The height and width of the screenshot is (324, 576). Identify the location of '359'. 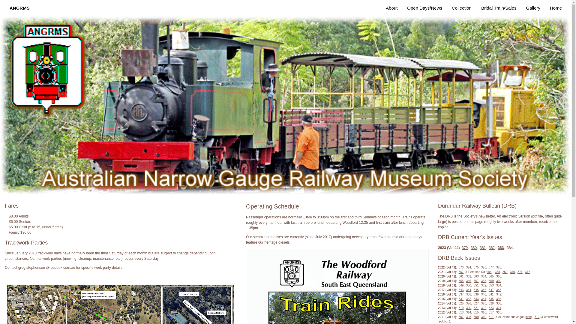
(488, 281).